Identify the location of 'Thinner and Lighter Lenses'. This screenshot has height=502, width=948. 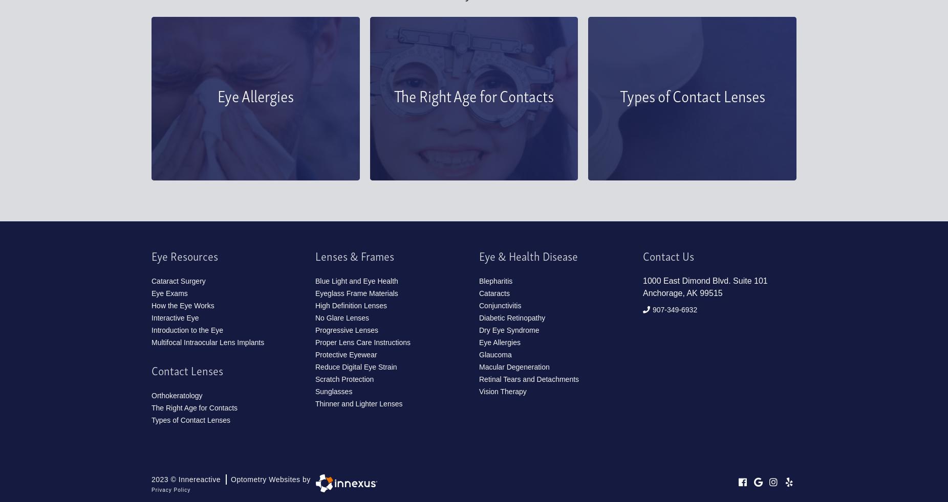
(358, 404).